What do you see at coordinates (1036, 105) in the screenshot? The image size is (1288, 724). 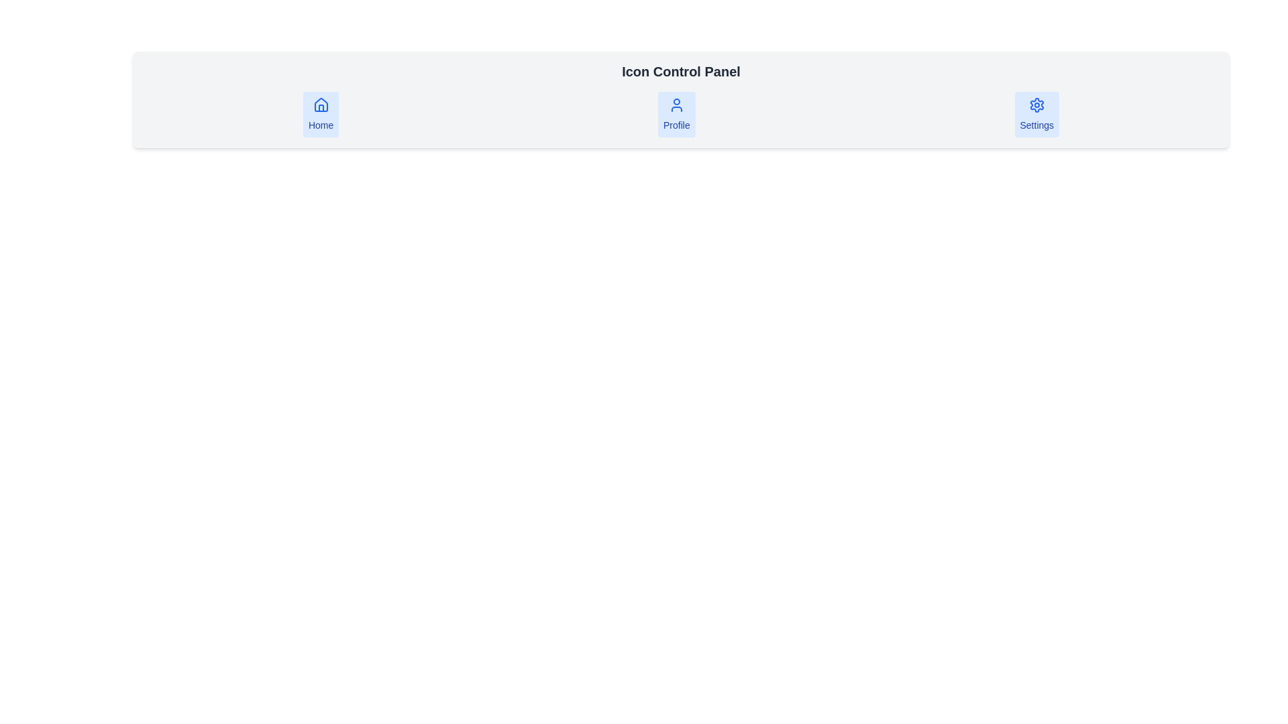 I see `the settings icon located in the rightmost section of the horizontal navigation bar, above the text label 'Settings'` at bounding box center [1036, 105].